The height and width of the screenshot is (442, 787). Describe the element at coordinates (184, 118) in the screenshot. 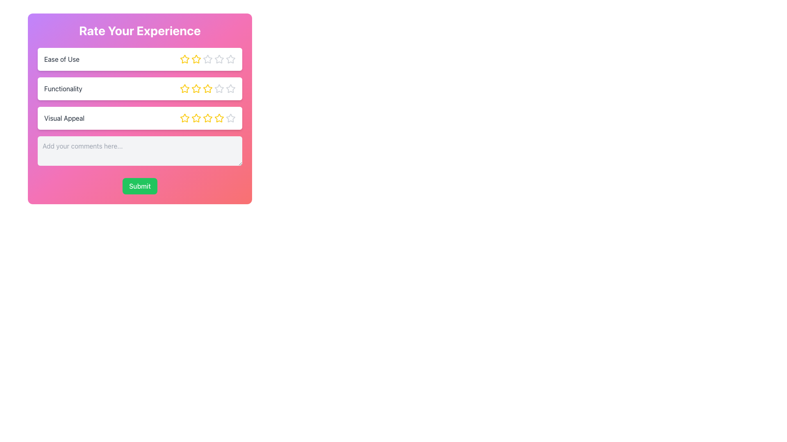

I see `the first yellow star icon in the rating scale for 'Visual Appeal'` at that location.